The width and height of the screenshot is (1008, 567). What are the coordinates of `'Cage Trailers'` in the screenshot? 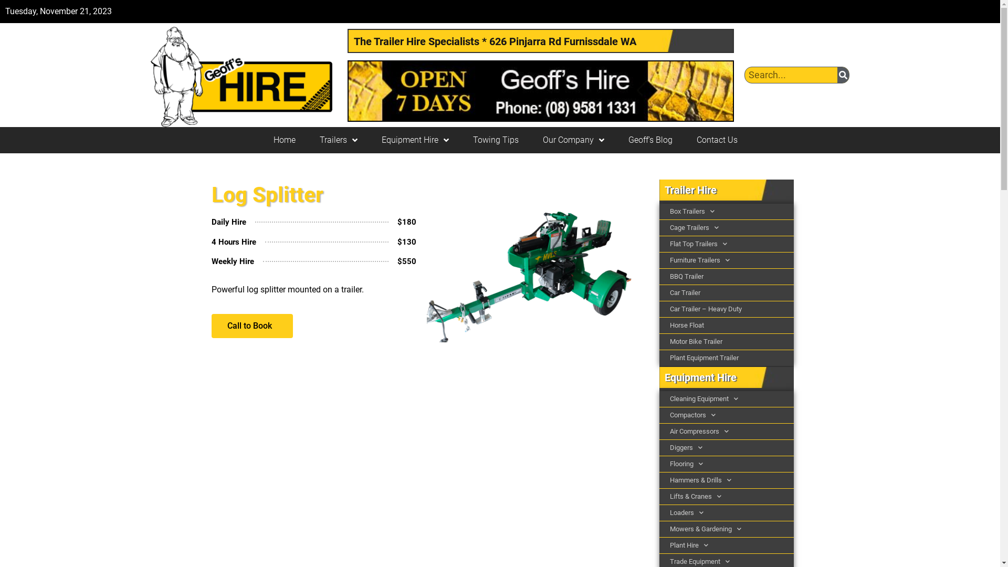 It's located at (726, 227).